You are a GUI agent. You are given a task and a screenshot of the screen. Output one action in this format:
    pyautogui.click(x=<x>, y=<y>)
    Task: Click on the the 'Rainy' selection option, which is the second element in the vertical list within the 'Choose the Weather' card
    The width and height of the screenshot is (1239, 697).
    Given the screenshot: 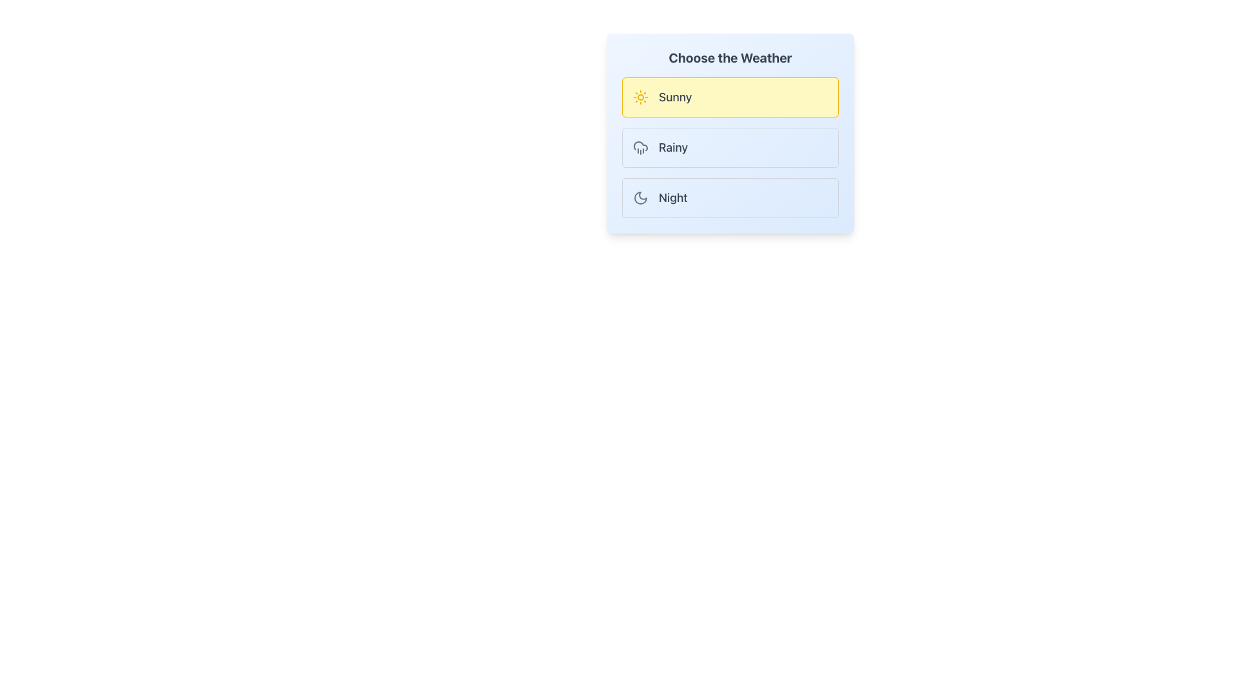 What is the action you would take?
    pyautogui.click(x=730, y=134)
    